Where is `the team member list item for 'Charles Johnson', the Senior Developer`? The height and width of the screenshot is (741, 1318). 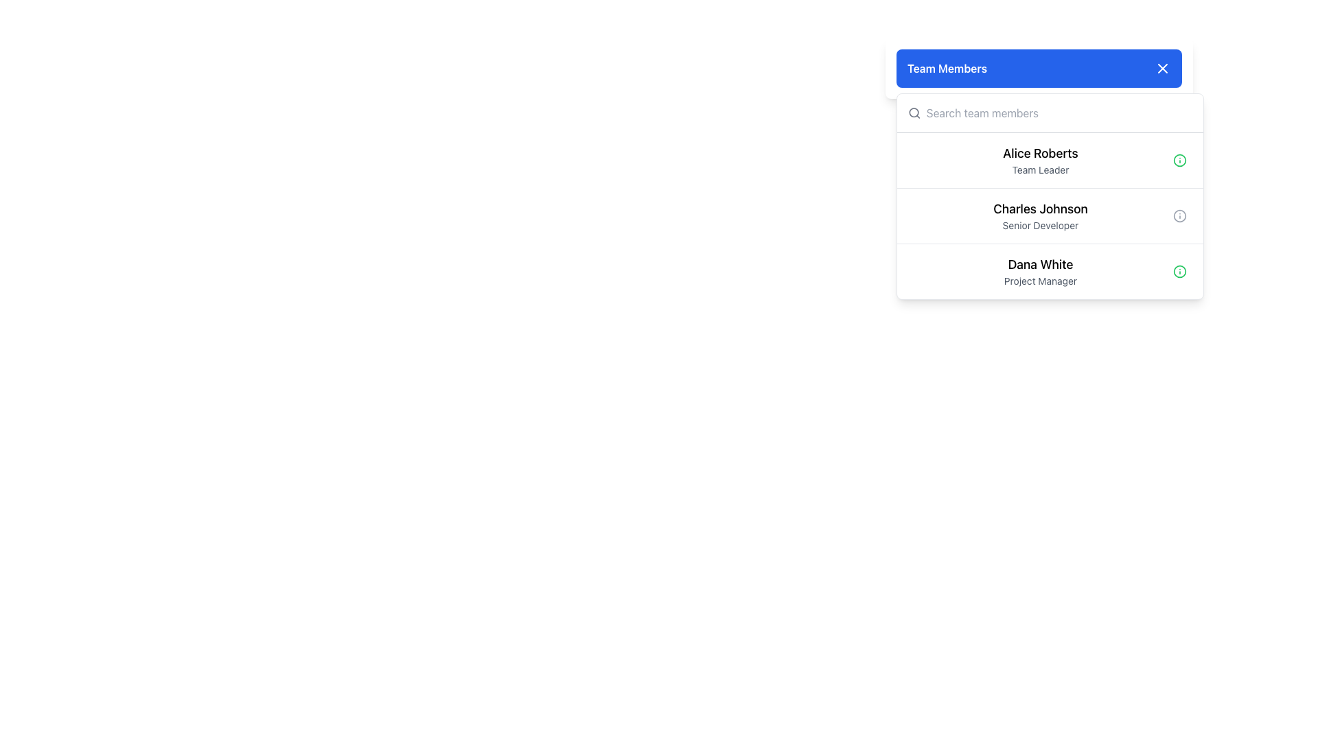 the team member list item for 'Charles Johnson', the Senior Developer is located at coordinates (1050, 196).